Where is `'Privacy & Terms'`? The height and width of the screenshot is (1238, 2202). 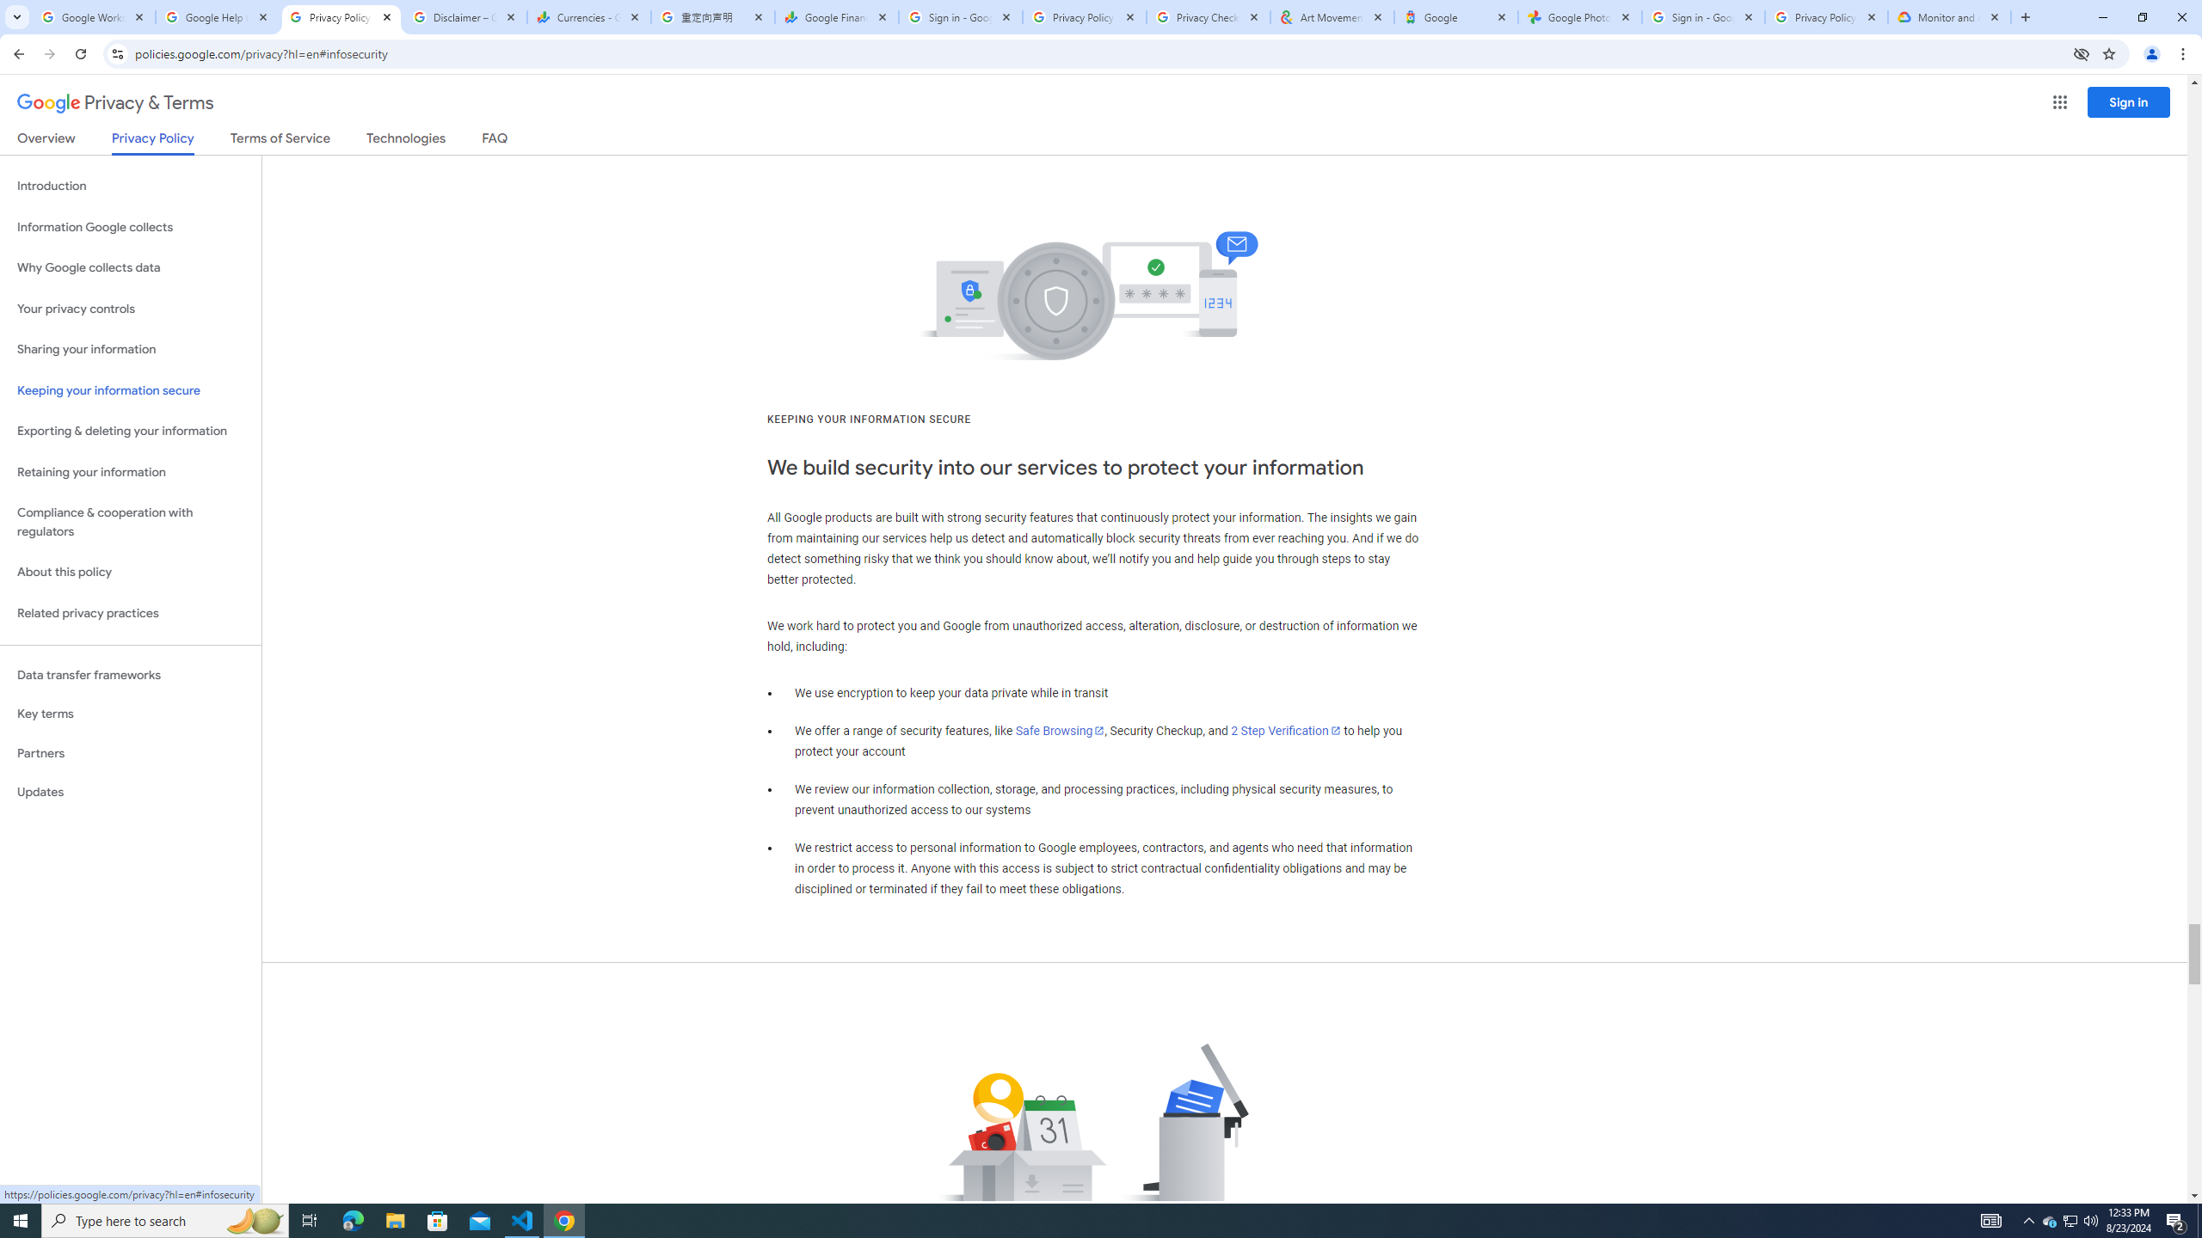 'Privacy & Terms' is located at coordinates (115, 102).